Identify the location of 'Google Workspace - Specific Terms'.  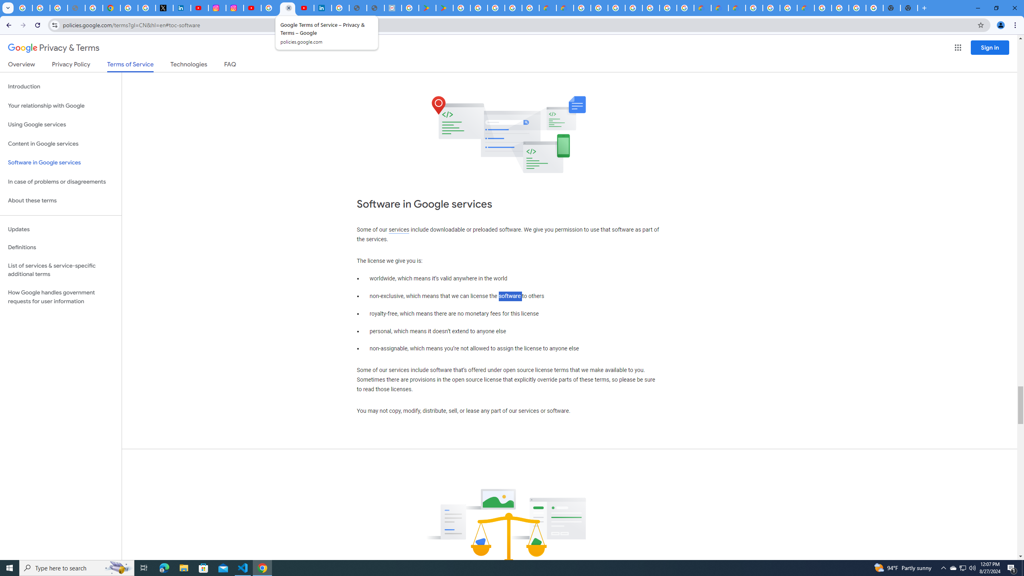
(512, 8).